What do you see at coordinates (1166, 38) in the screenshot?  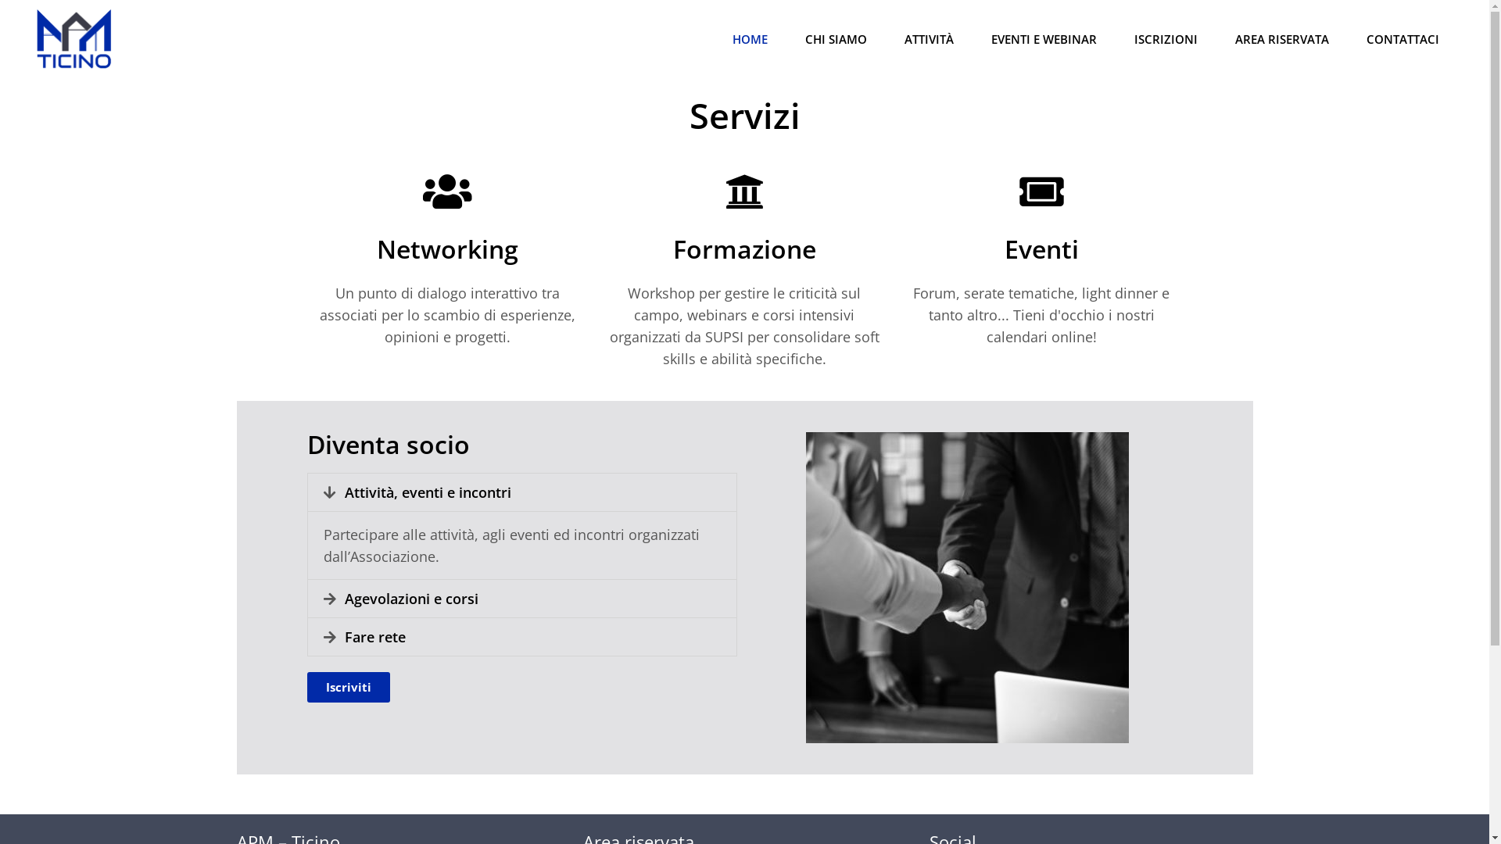 I see `'ISCRIZIONI'` at bounding box center [1166, 38].